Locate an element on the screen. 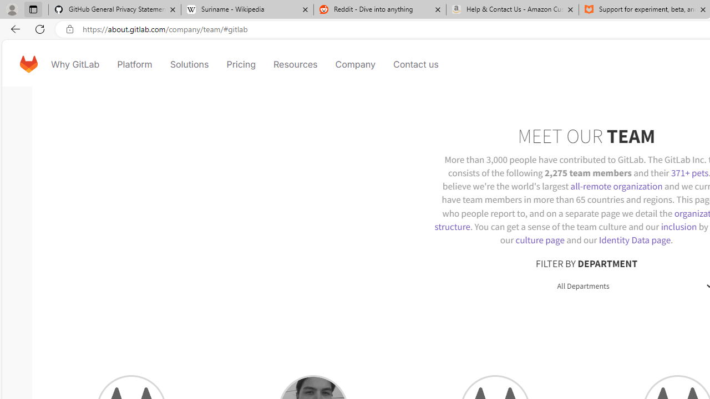 The image size is (710, 399). 'Reddit - Dive into anything' is located at coordinates (379, 9).